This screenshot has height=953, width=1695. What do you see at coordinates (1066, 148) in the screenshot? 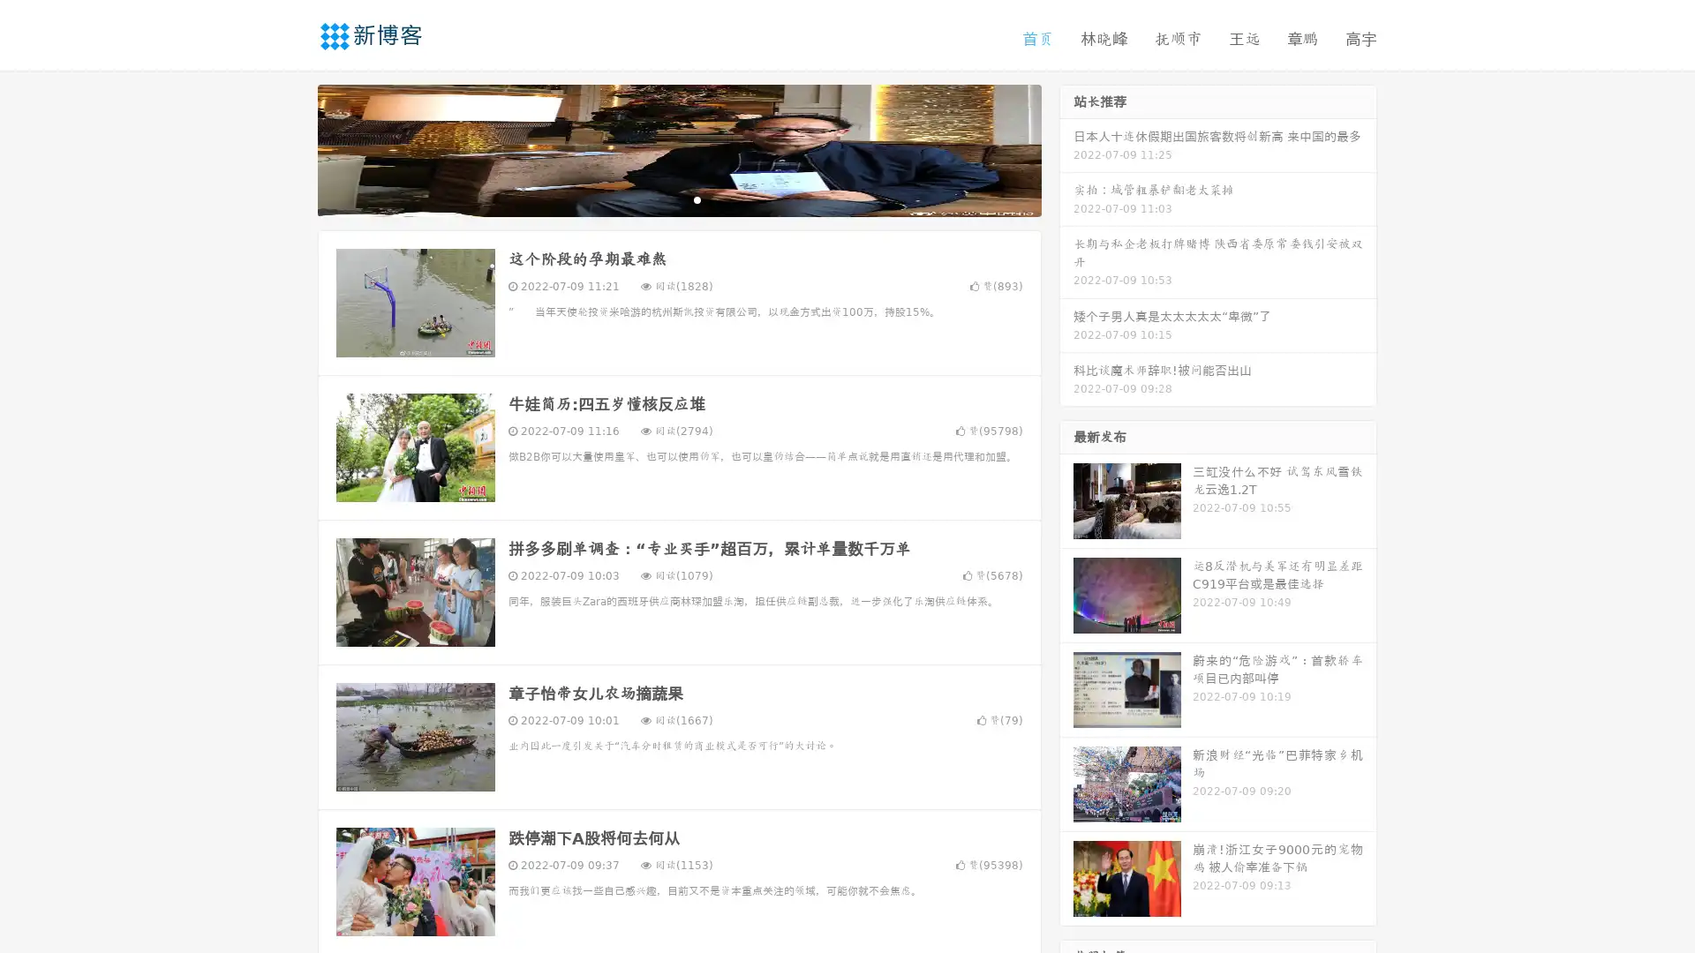
I see `Next slide` at bounding box center [1066, 148].